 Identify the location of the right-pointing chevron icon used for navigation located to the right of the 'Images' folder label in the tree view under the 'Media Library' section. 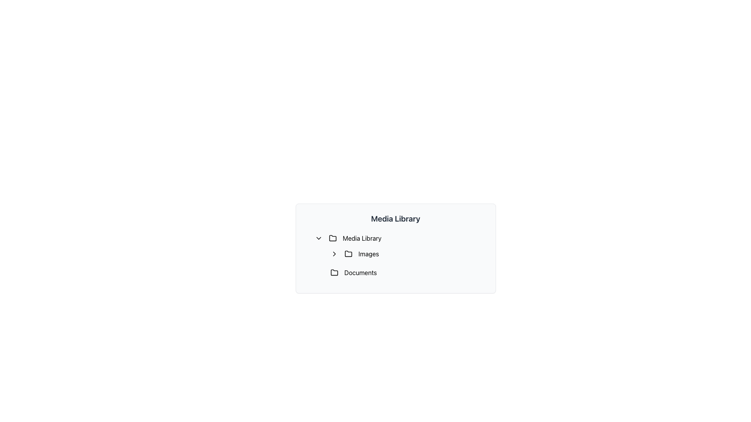
(334, 254).